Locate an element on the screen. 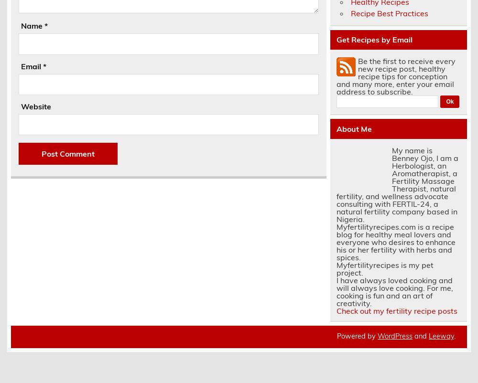  'Be the first to receive every new recipe post, healthy recipe tips for conception and many more, enter your email address to subscribe.' is located at coordinates (395, 75).